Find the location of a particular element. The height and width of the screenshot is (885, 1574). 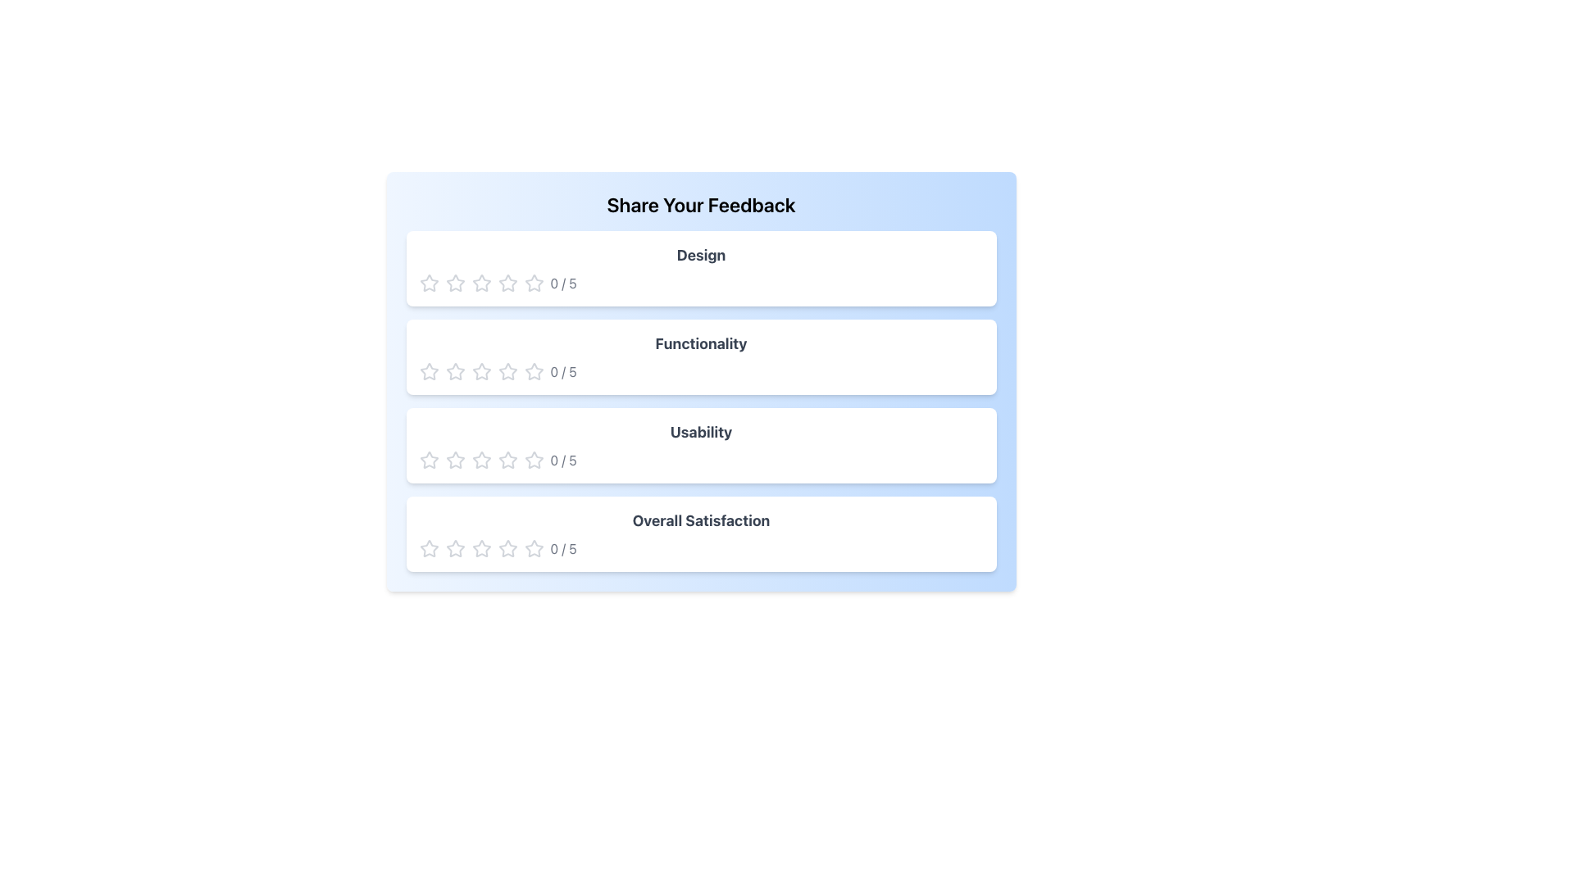

the first star in the 'Usability' feedback section is located at coordinates (429, 461).